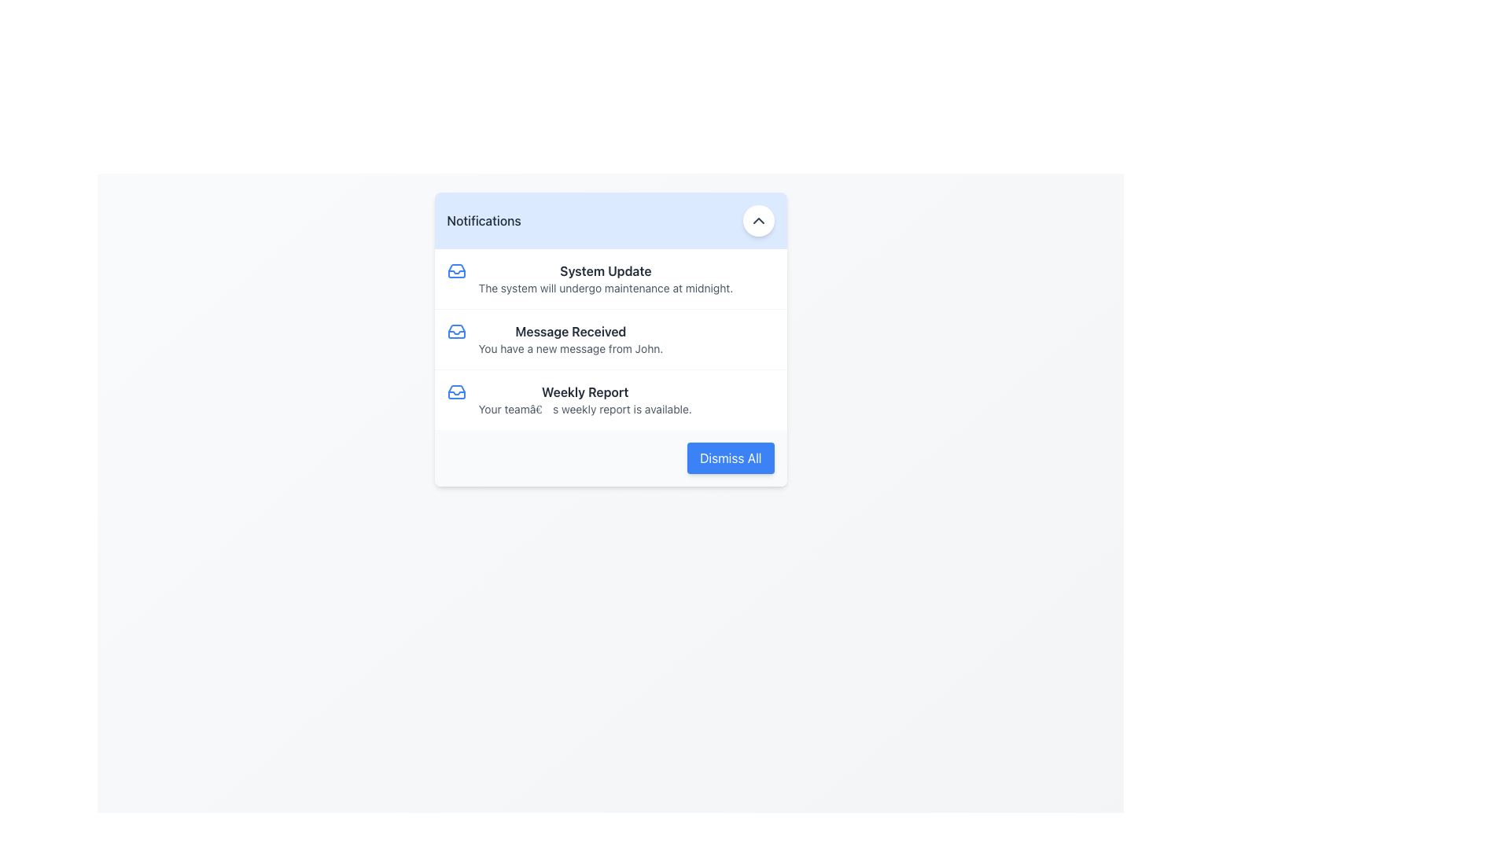 This screenshot has height=849, width=1510. Describe the element at coordinates (569, 347) in the screenshot. I see `text element providing details about the notification titled 'Message Received', which is positioned beneath the title text within the notification card` at that location.